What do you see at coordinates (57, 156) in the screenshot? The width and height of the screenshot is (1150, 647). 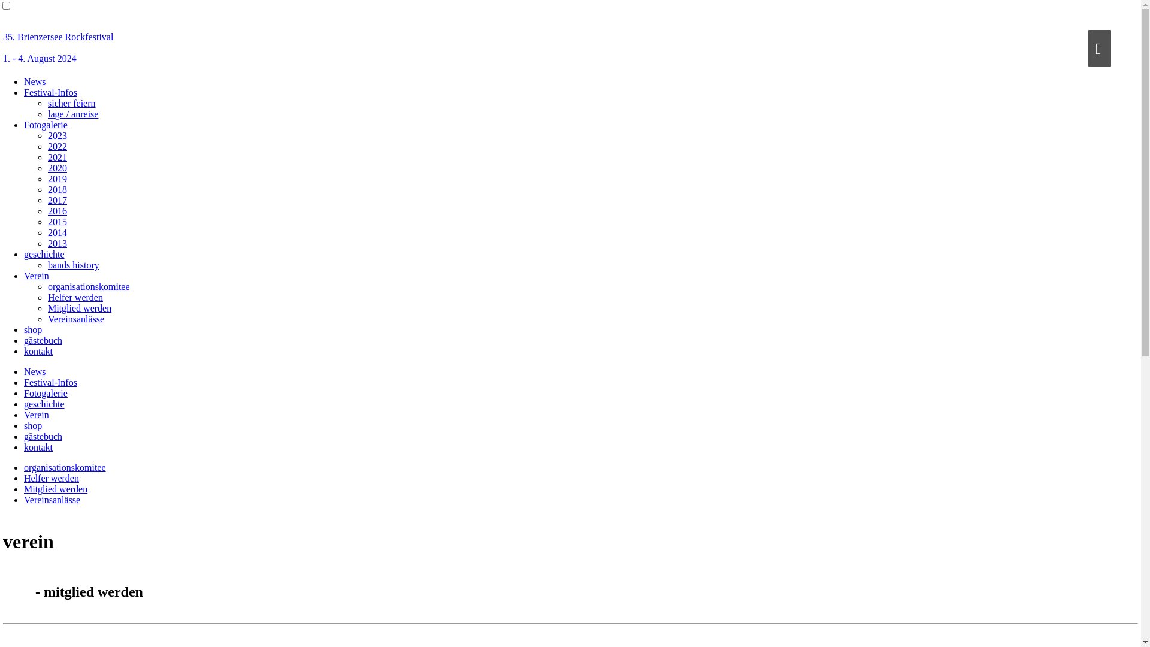 I see `'2021'` at bounding box center [57, 156].